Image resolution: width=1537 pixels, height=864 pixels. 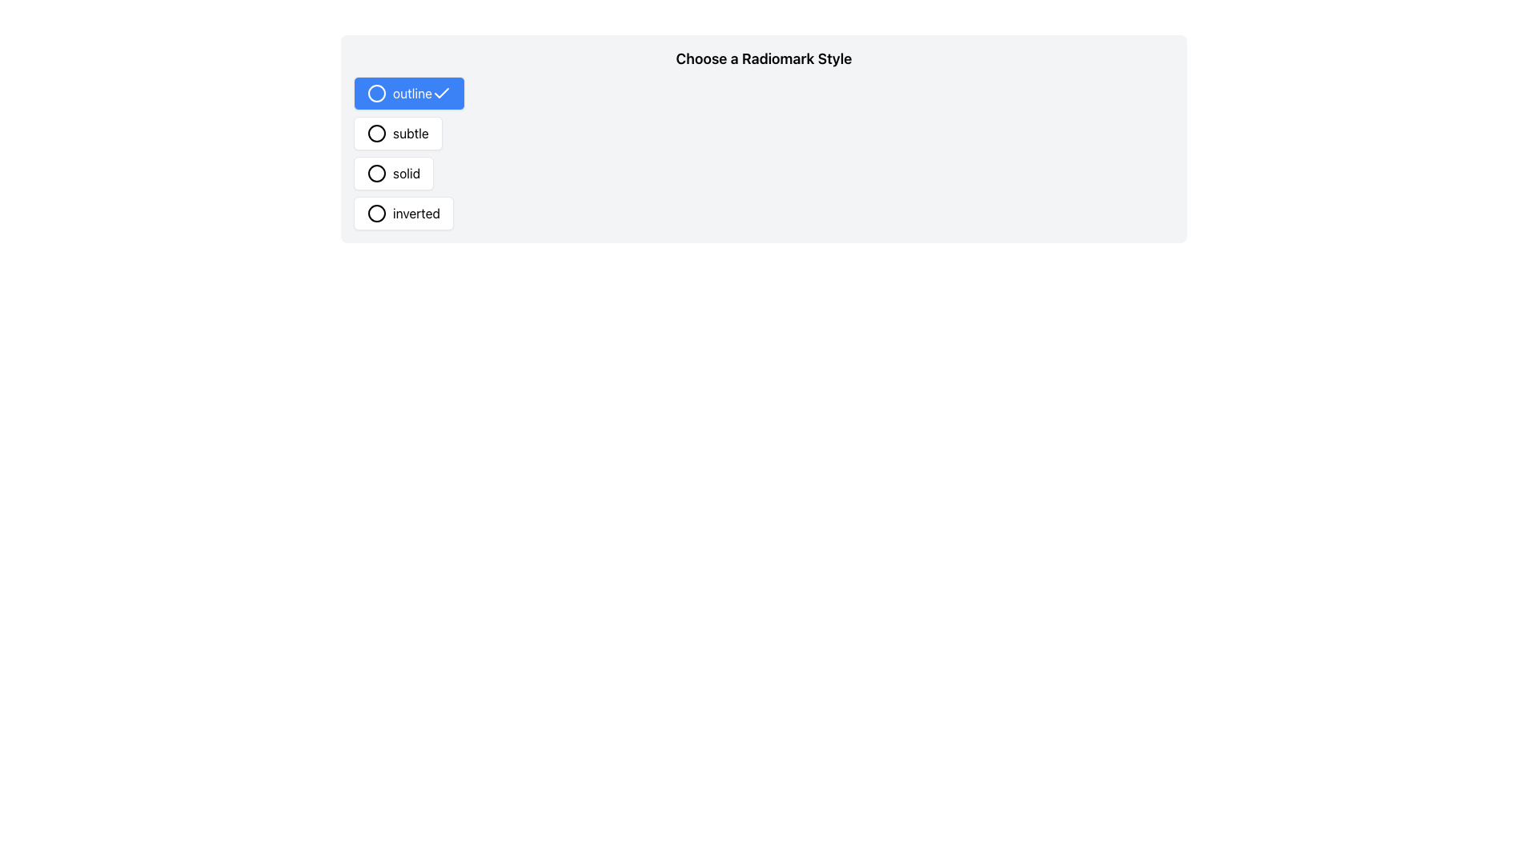 I want to click on the radio button labeled 'outline' with a blue background and checkmark icon, so click(x=409, y=93).